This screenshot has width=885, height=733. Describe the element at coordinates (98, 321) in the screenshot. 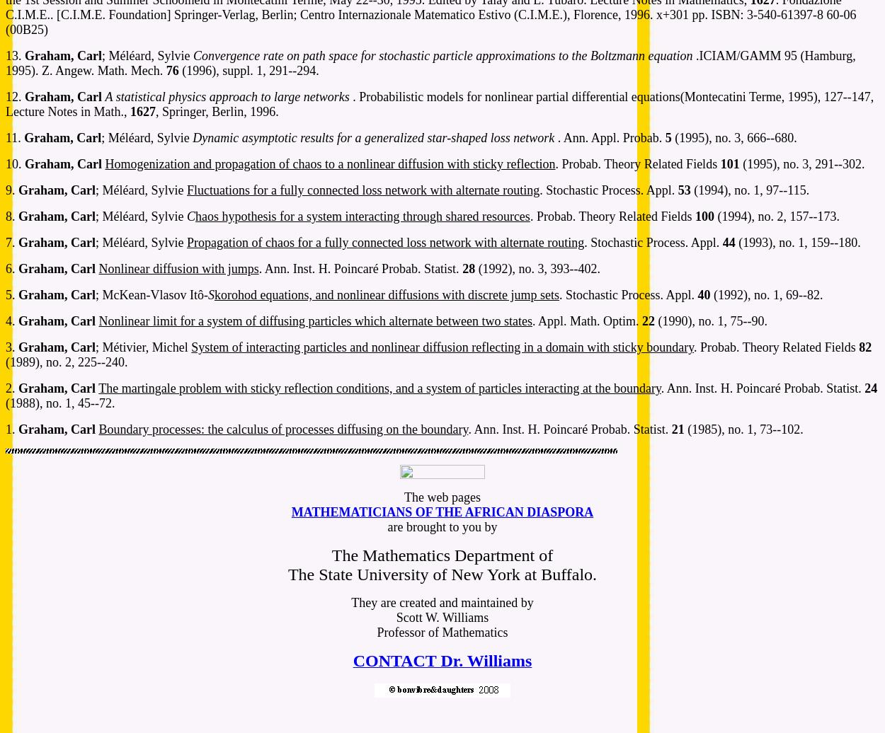

I see `'Nonlinear limit for
a system of diffusing particles which alternate between two states'` at that location.